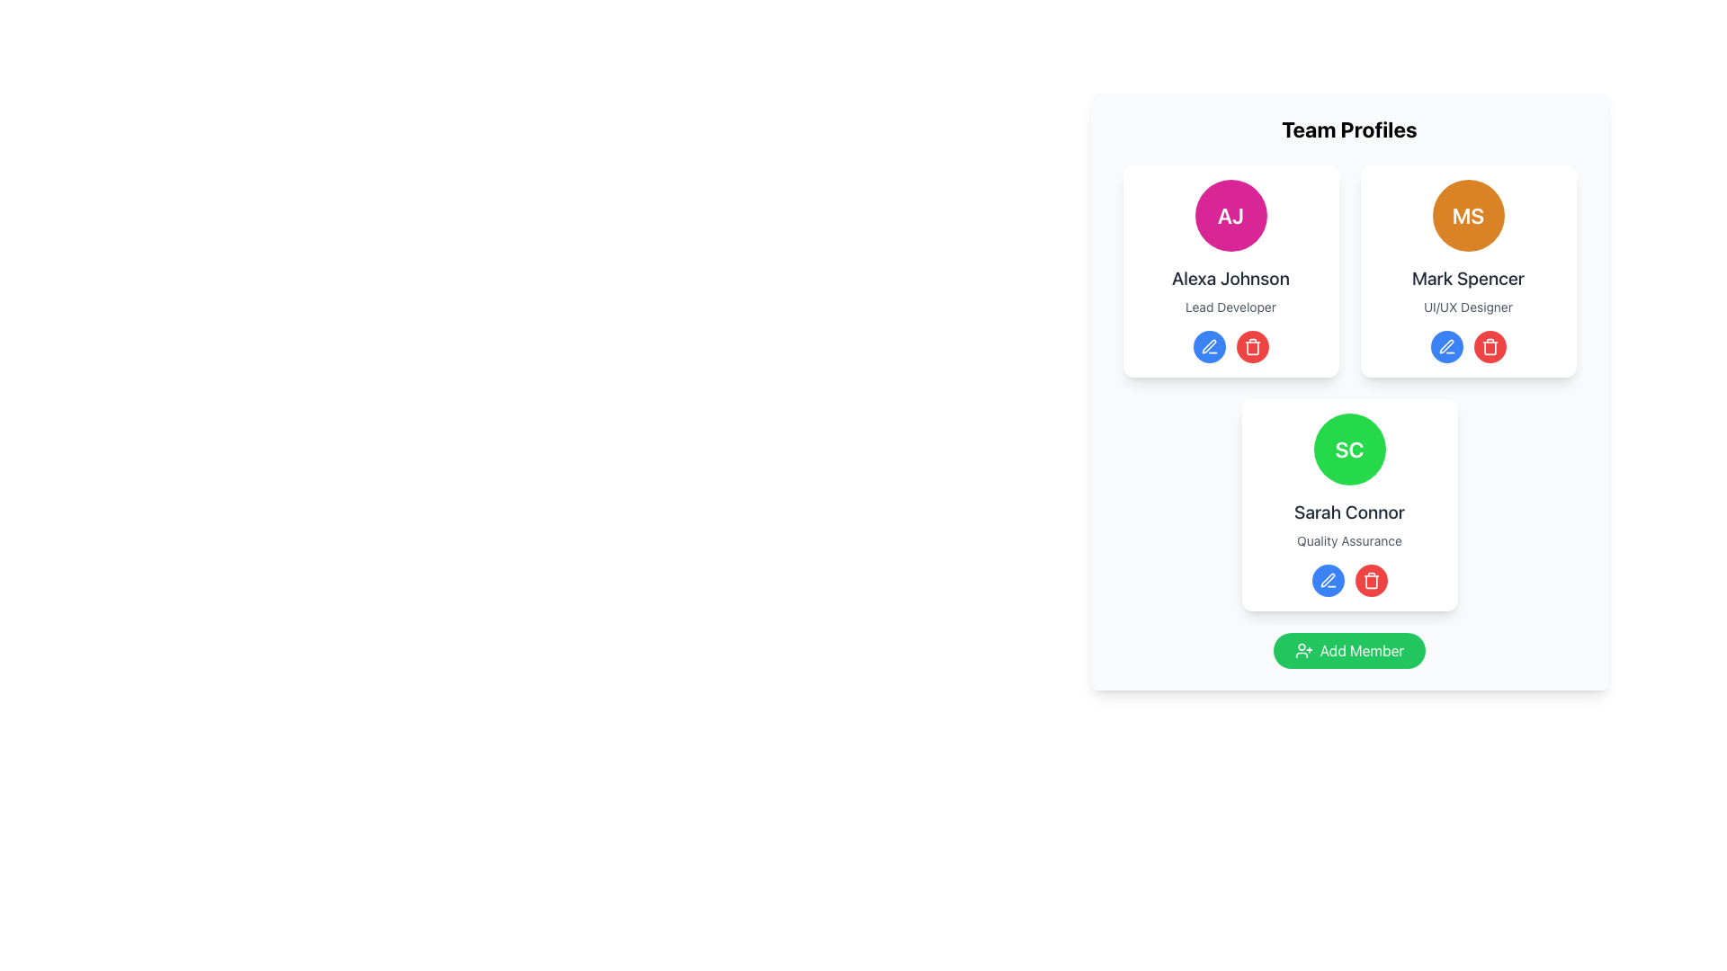  Describe the element at coordinates (1230, 214) in the screenshot. I see `the initials 'AJ' on the Avatar Badge representing user Alexa Johnson, located in the top-left profile card of the 'Team Profiles' section, above the name 'Alexa Johnson'` at that location.